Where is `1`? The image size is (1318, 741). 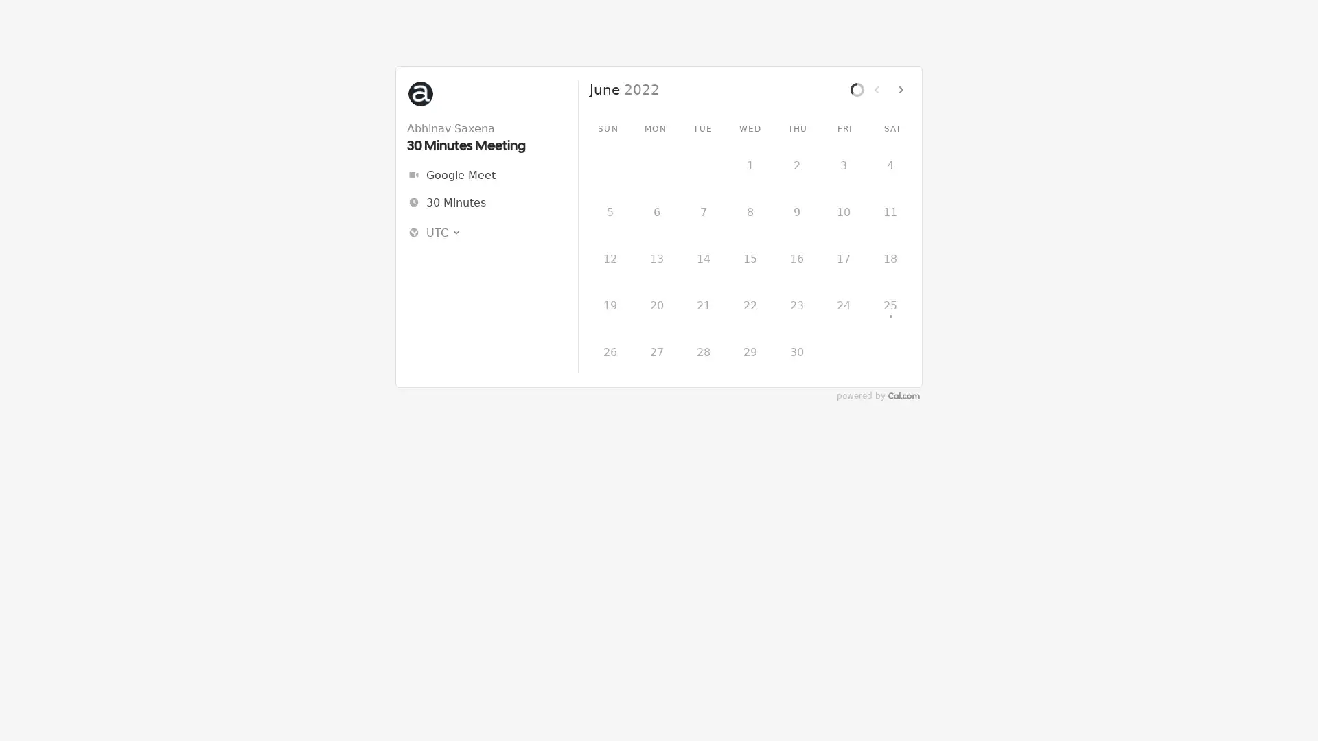 1 is located at coordinates (750, 165).